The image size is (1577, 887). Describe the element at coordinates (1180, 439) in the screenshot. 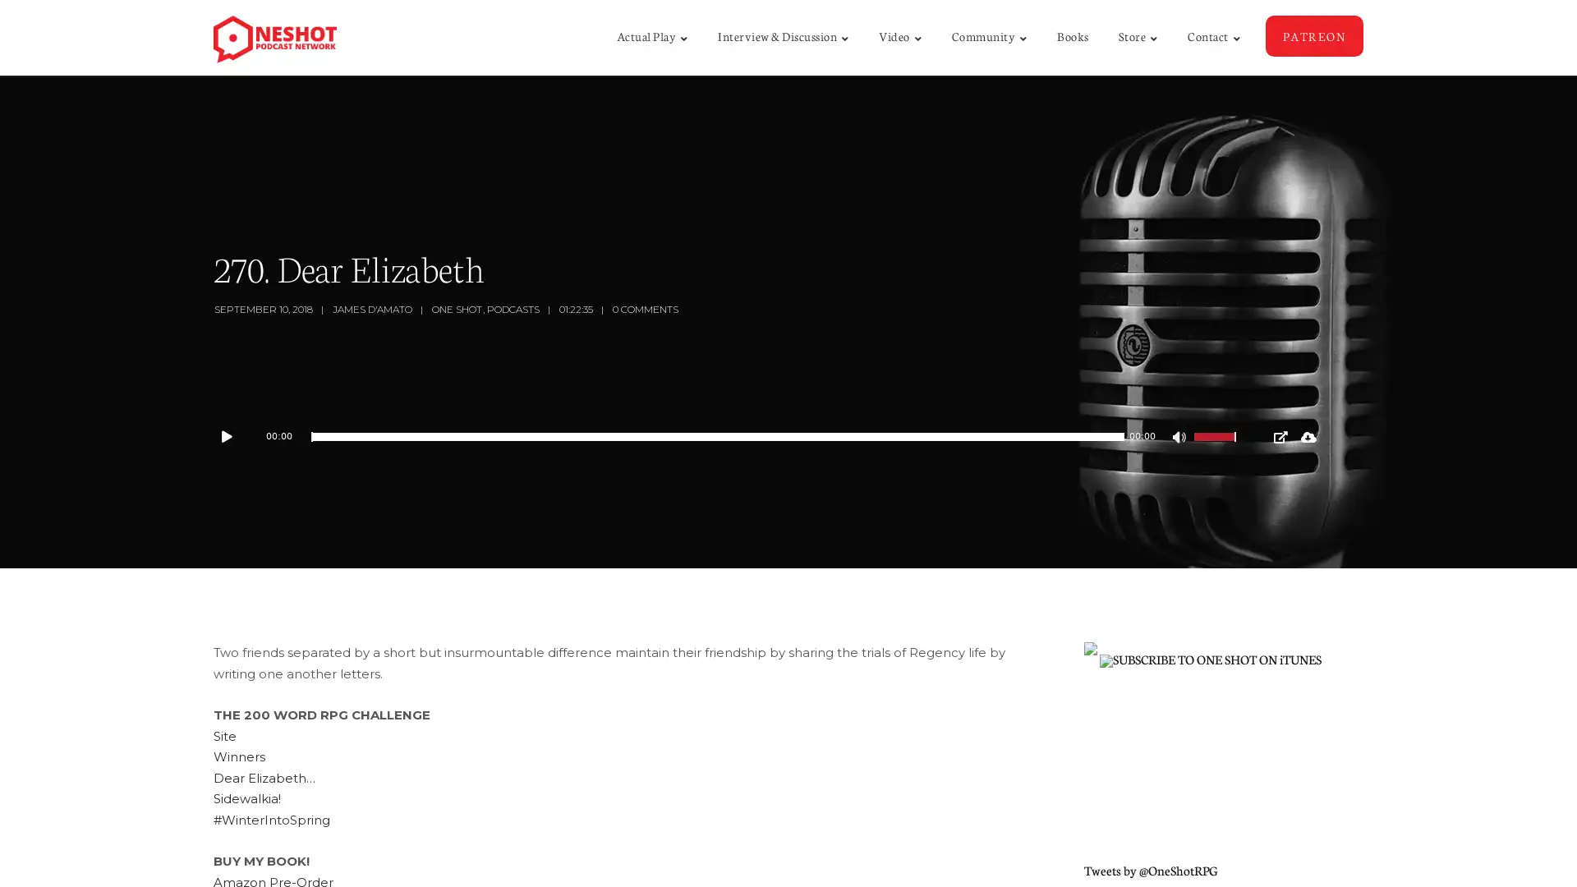

I see `Mute` at that location.